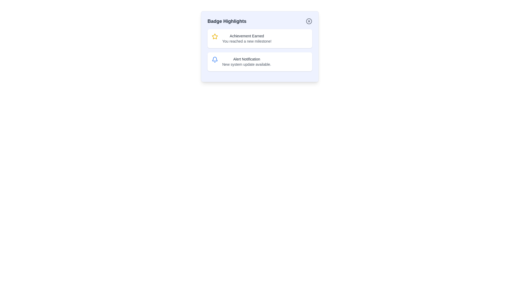  I want to click on the text label that informs the user about the availability of a new system update, located directly below 'Alert Notification' in the 'Badge Highlights' box, so click(246, 64).